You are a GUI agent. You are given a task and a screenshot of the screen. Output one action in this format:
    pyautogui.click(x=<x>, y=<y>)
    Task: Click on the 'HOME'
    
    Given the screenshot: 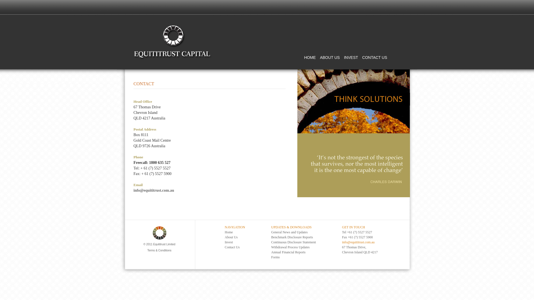 What is the action you would take?
    pyautogui.click(x=309, y=57)
    